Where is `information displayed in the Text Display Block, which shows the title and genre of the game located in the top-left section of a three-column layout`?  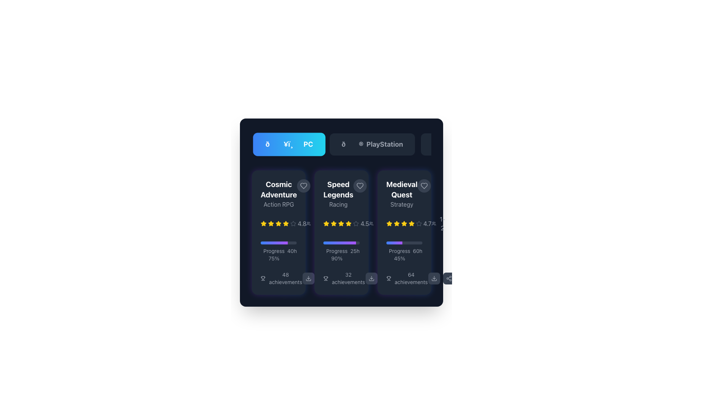
information displayed in the Text Display Block, which shows the title and genre of the game located in the top-left section of a three-column layout is located at coordinates (278, 194).